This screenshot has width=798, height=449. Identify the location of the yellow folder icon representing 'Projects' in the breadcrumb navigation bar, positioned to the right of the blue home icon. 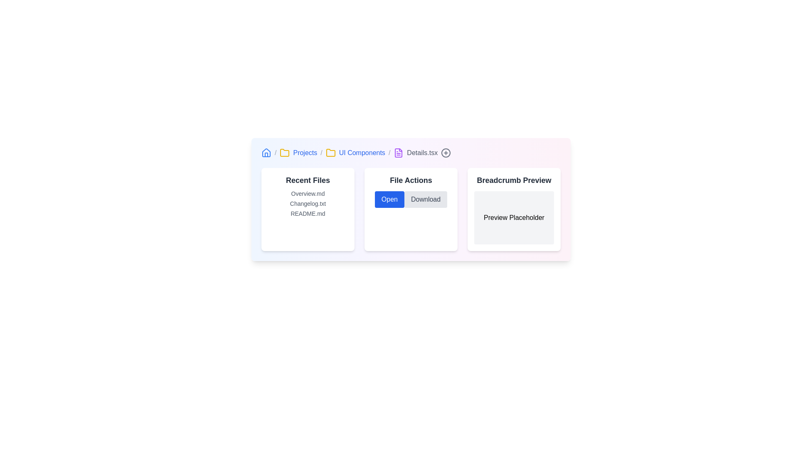
(285, 153).